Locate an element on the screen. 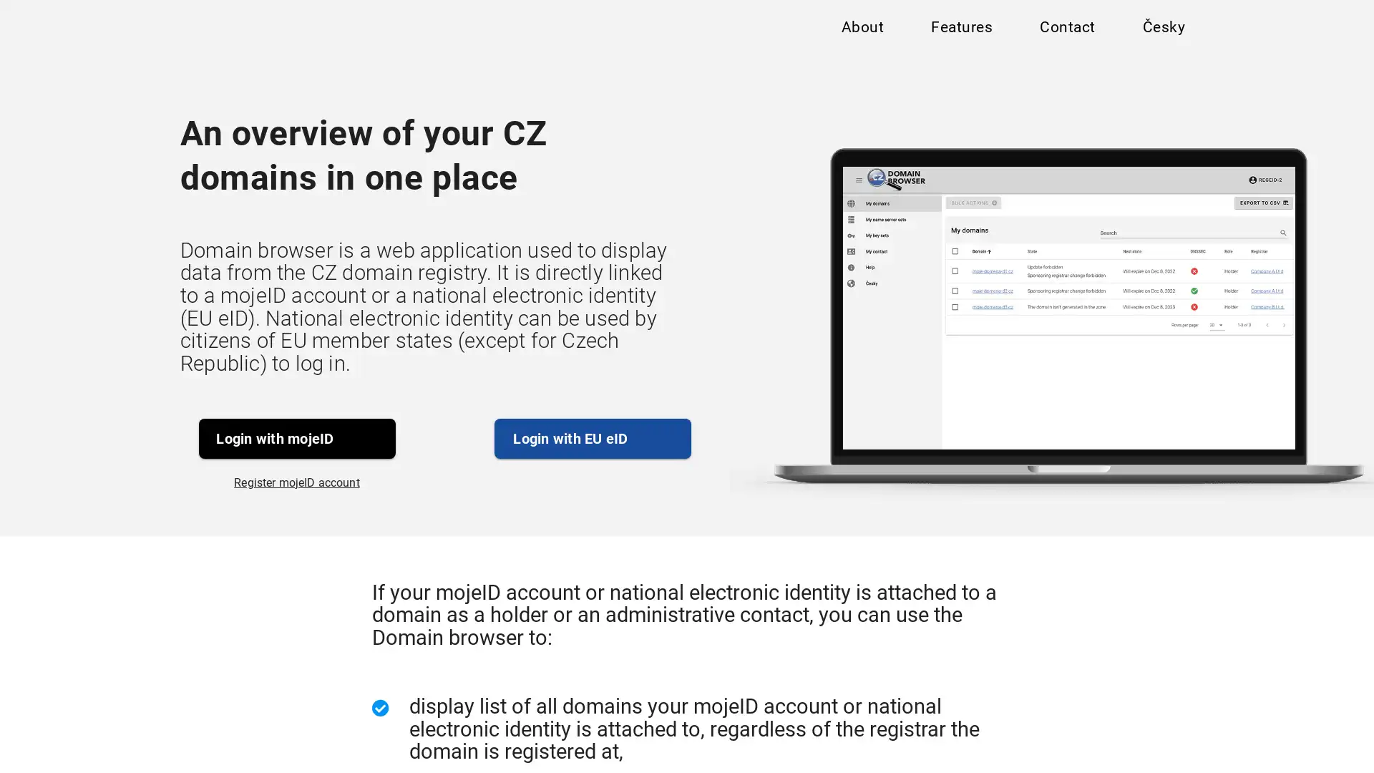  Contact is located at coordinates (1066, 30).